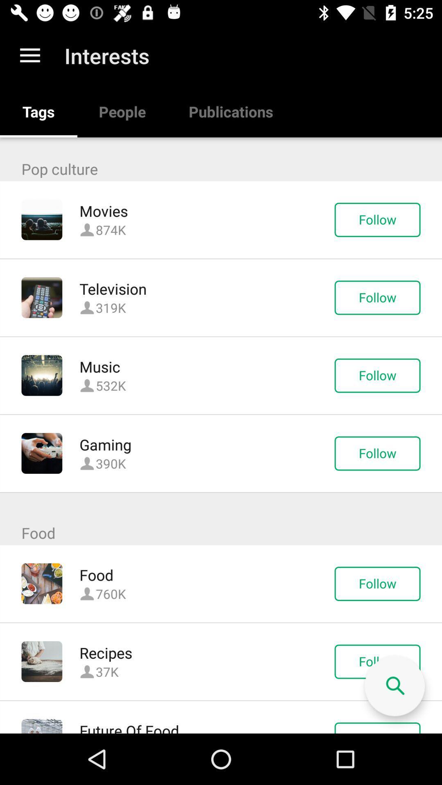 This screenshot has width=442, height=785. What do you see at coordinates (394, 686) in the screenshot?
I see `search` at bounding box center [394, 686].